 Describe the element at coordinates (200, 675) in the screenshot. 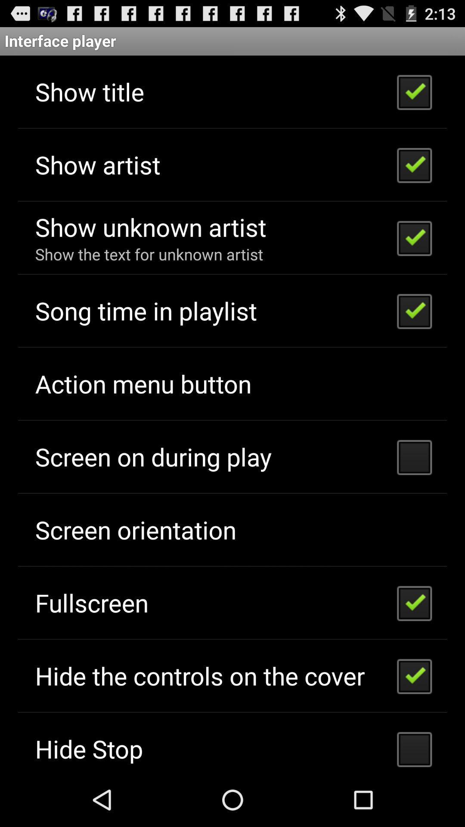

I see `the hide the controls` at that location.